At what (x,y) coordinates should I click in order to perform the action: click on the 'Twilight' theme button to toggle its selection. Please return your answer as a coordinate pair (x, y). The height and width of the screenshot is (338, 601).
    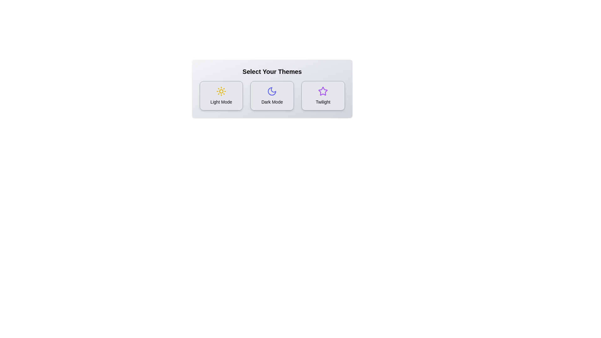
    Looking at the image, I should click on (323, 95).